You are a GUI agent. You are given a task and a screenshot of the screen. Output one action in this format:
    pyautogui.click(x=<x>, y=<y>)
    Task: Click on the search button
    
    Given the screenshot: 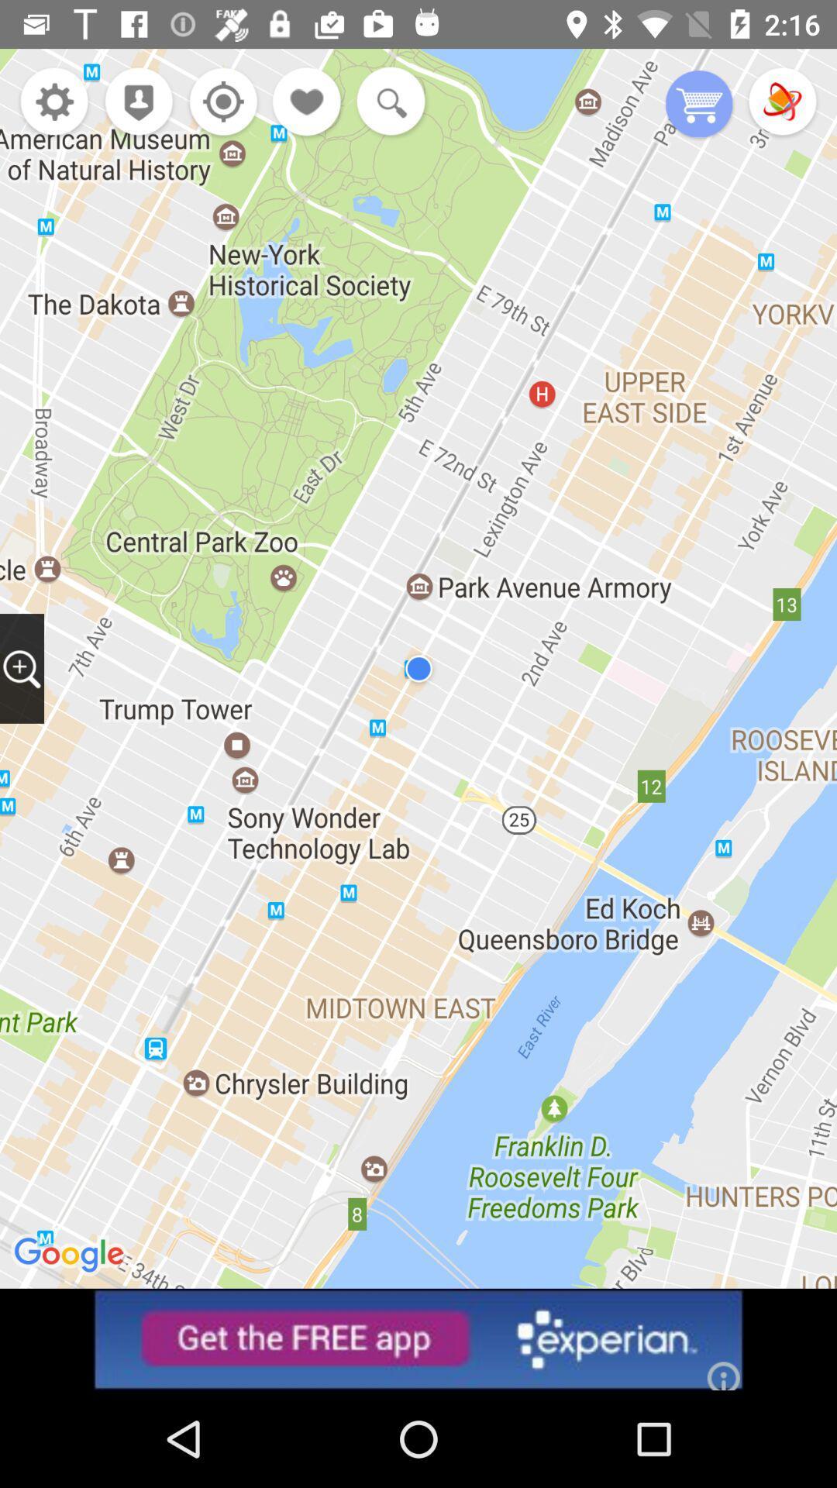 What is the action you would take?
    pyautogui.click(x=387, y=102)
    